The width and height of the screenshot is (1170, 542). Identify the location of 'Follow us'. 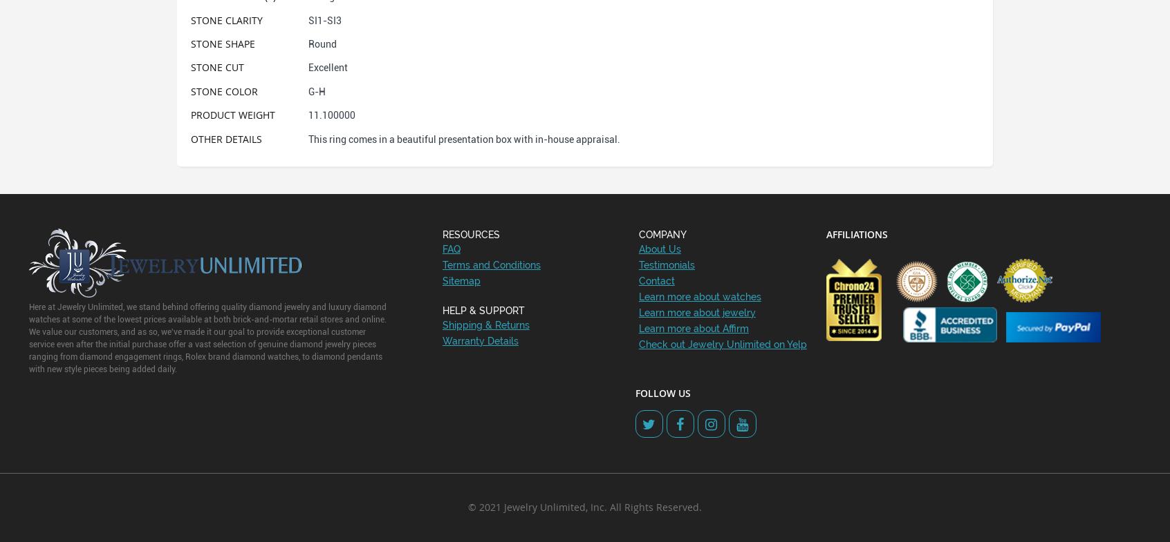
(662, 392).